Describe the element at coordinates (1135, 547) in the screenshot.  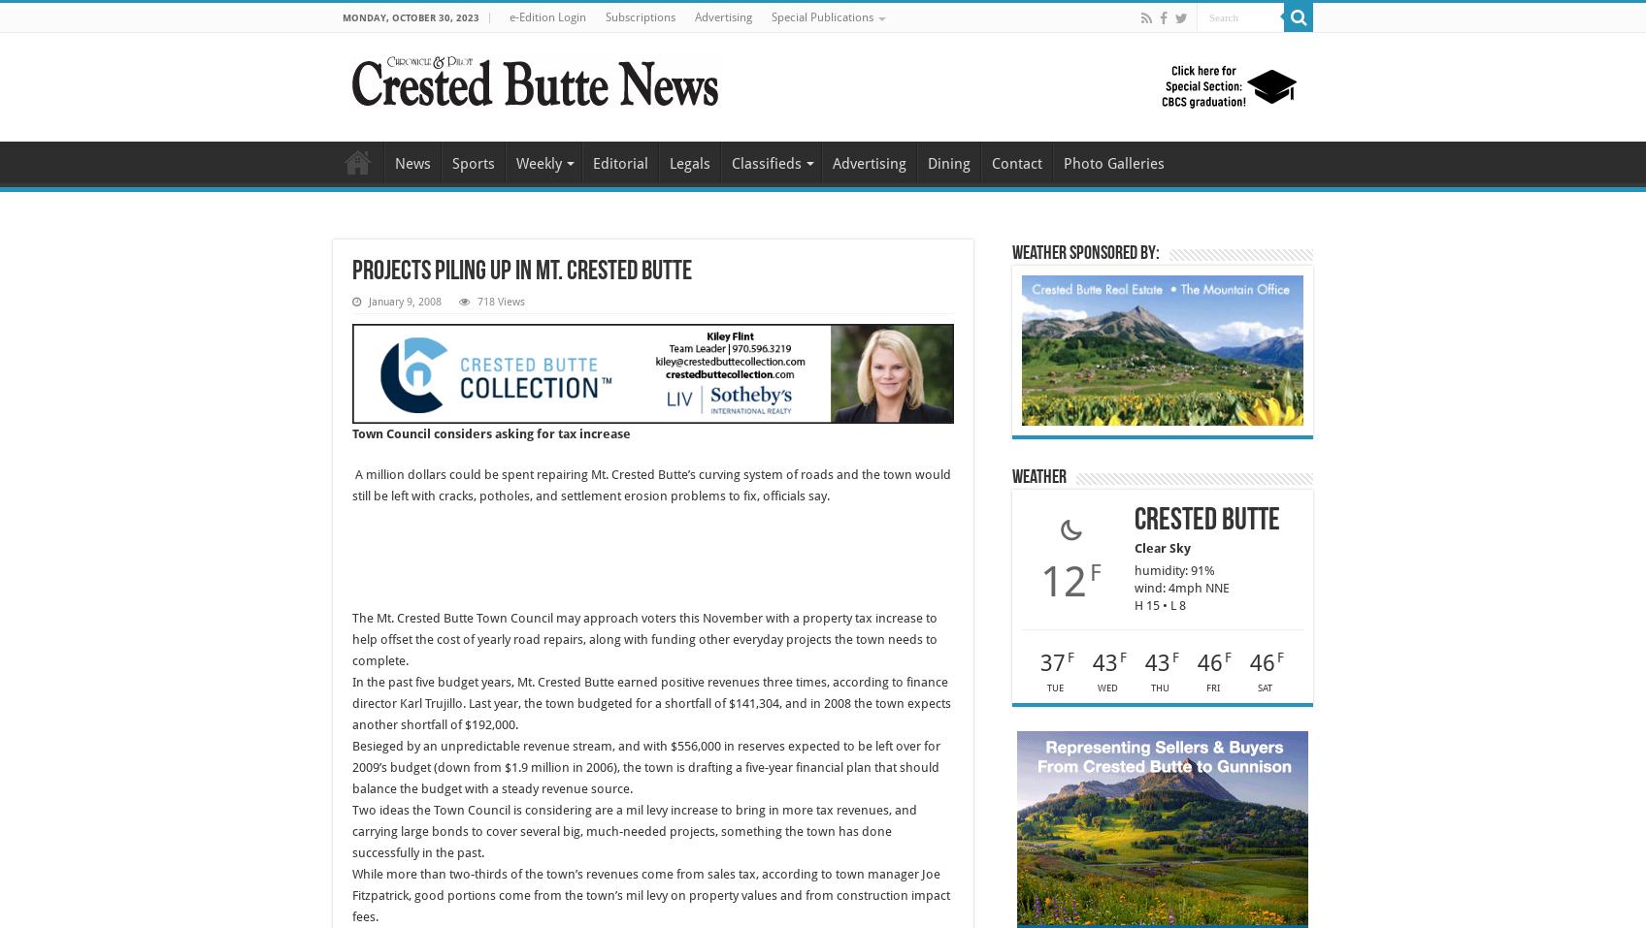
I see `'clear sky'` at that location.